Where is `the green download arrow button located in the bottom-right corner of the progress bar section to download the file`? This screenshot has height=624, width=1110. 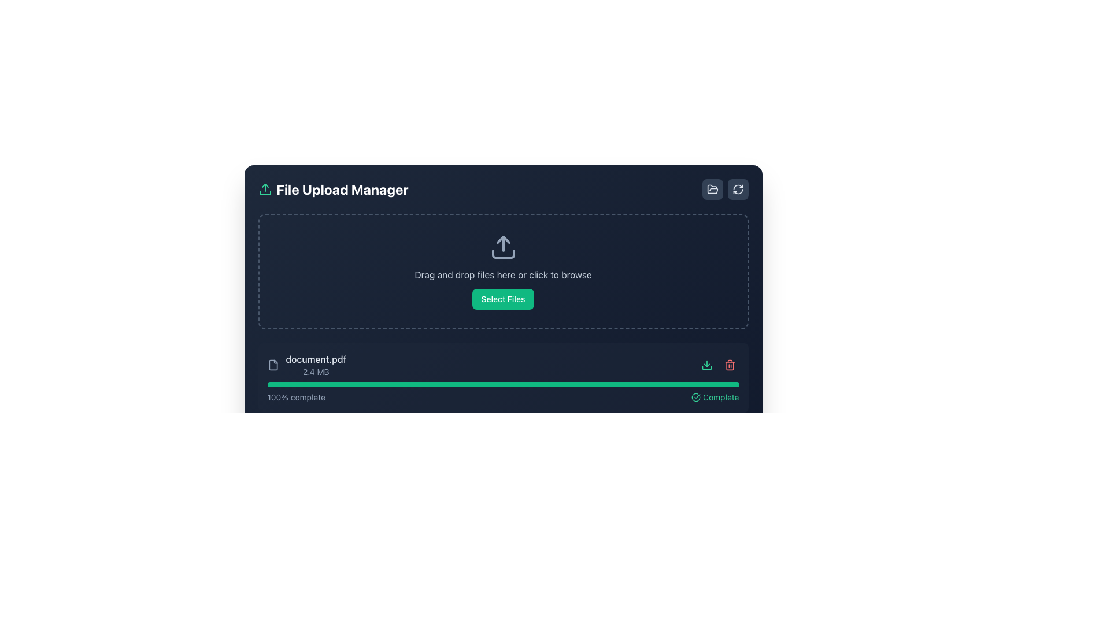
the green download arrow button located in the bottom-right corner of the progress bar section to download the file is located at coordinates (706, 365).